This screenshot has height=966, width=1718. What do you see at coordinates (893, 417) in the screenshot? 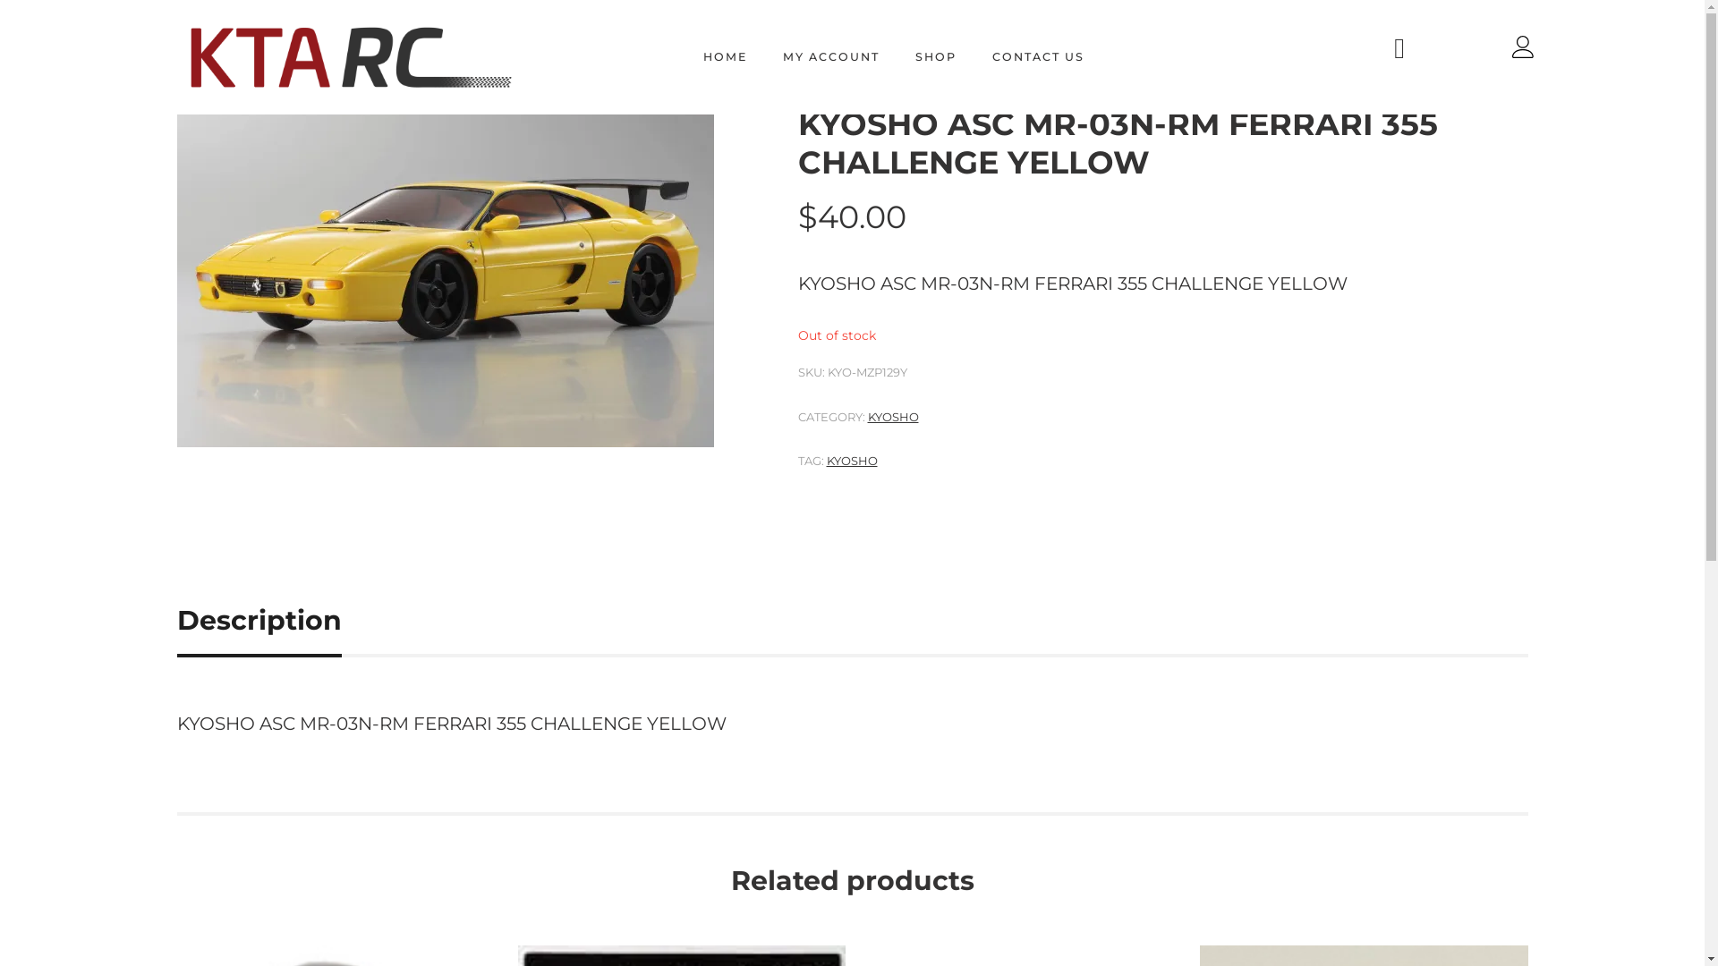
I see `'KYOSHO'` at bounding box center [893, 417].